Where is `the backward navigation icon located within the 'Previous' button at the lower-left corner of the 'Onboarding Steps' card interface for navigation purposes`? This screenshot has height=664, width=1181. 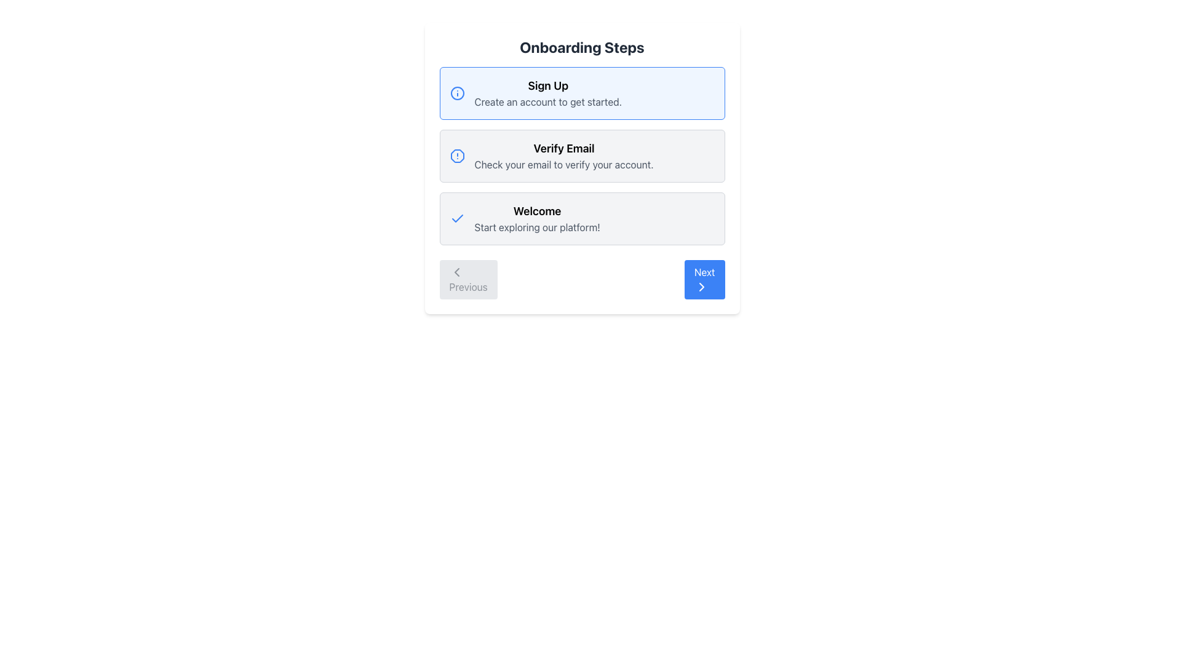
the backward navigation icon located within the 'Previous' button at the lower-left corner of the 'Onboarding Steps' card interface for navigation purposes is located at coordinates (456, 272).